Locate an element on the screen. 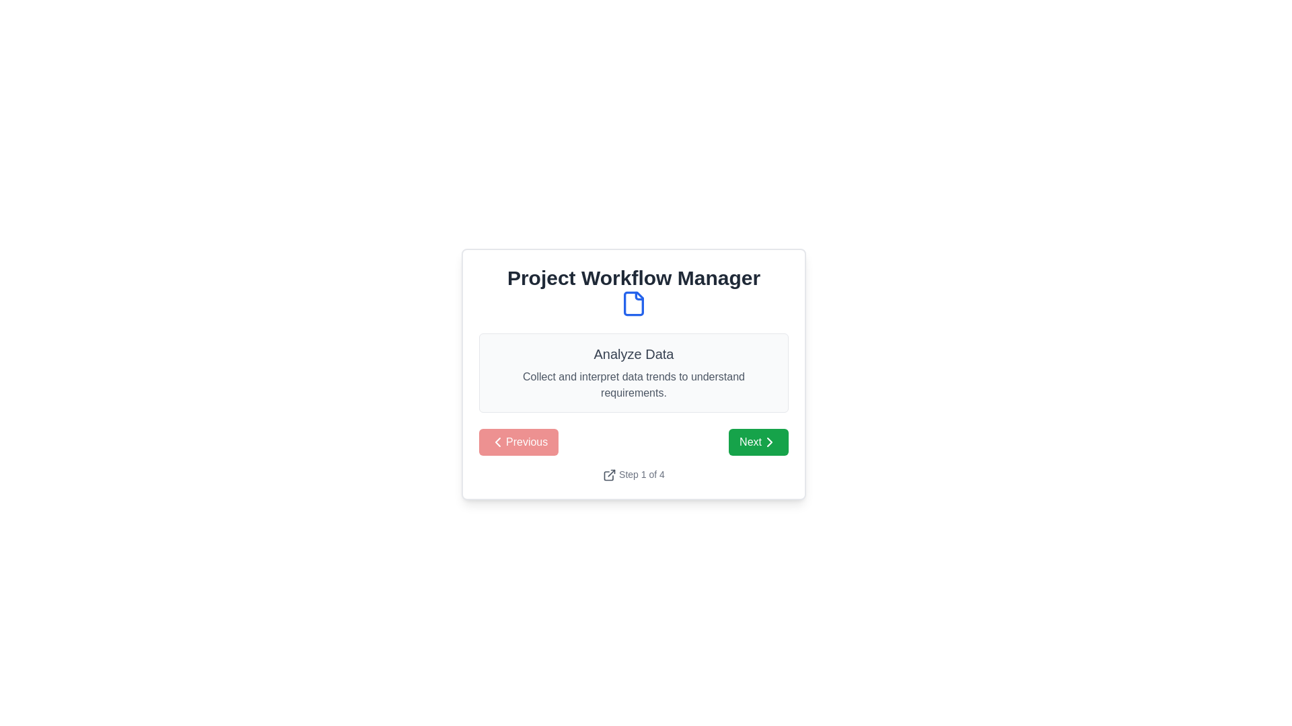 The width and height of the screenshot is (1292, 726). the green 'Next' button with rounded corners and white text is located at coordinates (758, 442).